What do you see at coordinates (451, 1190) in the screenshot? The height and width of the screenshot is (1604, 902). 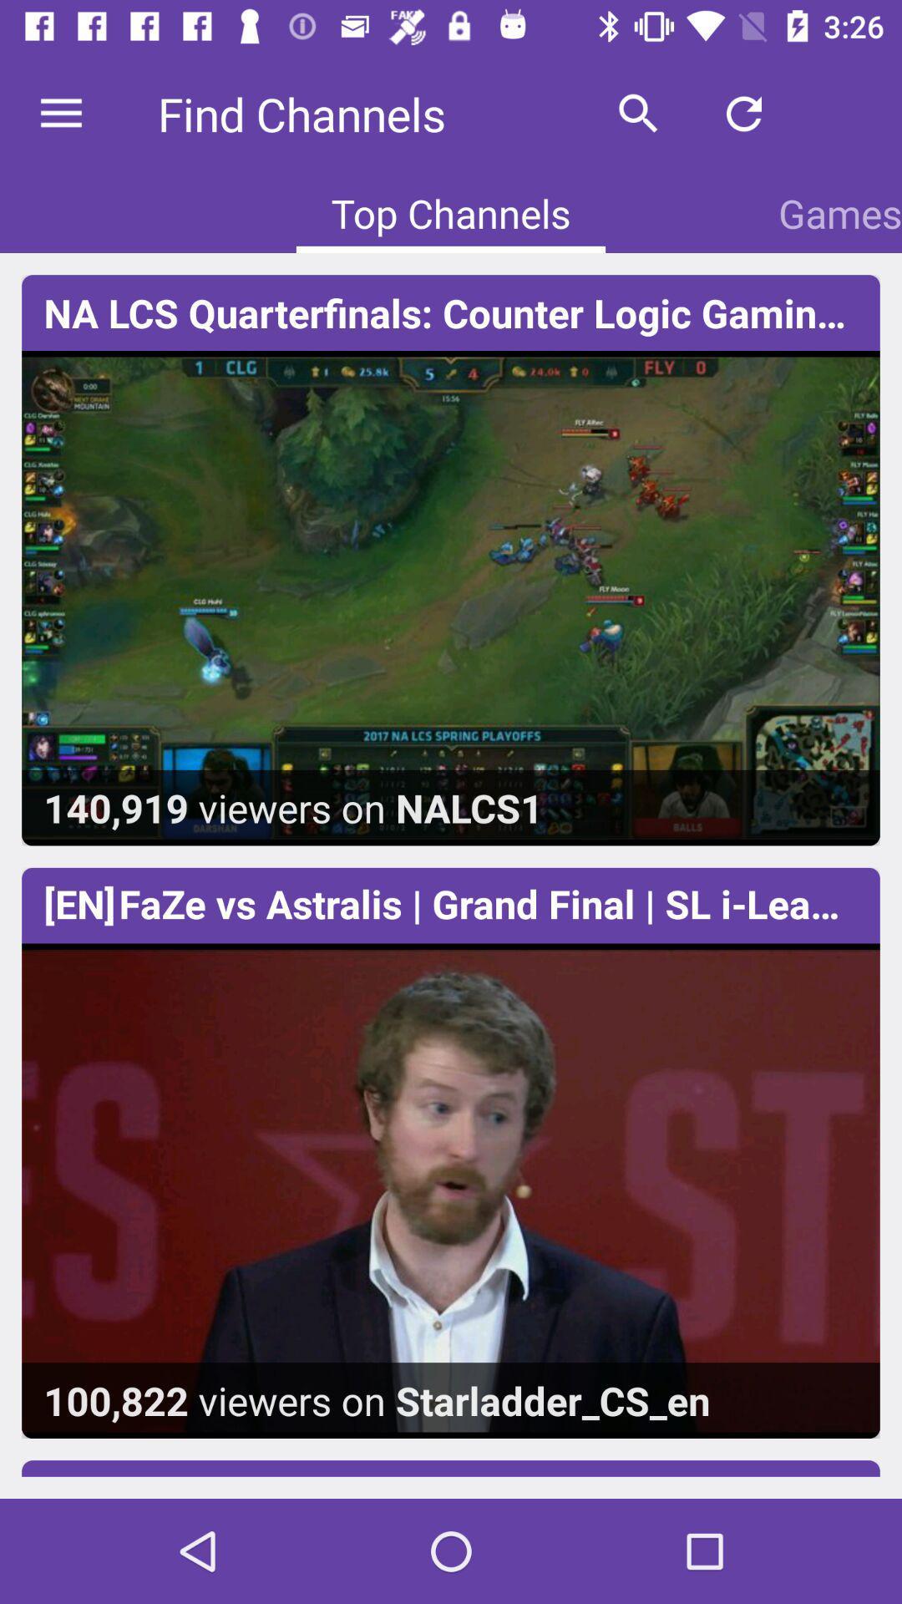 I see `second image along with text below` at bounding box center [451, 1190].